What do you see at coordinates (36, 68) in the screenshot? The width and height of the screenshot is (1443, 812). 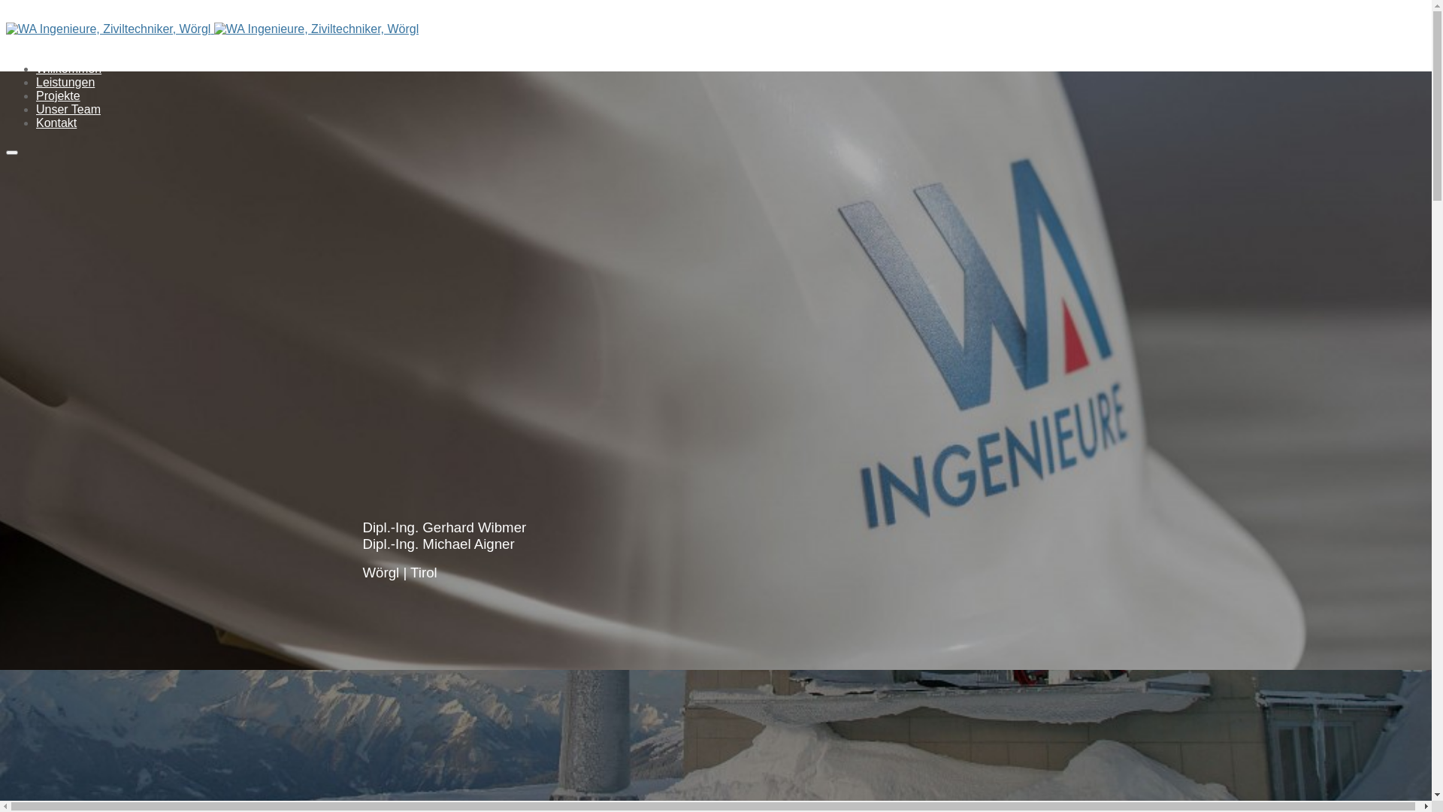 I see `'Willkommen'` at bounding box center [36, 68].